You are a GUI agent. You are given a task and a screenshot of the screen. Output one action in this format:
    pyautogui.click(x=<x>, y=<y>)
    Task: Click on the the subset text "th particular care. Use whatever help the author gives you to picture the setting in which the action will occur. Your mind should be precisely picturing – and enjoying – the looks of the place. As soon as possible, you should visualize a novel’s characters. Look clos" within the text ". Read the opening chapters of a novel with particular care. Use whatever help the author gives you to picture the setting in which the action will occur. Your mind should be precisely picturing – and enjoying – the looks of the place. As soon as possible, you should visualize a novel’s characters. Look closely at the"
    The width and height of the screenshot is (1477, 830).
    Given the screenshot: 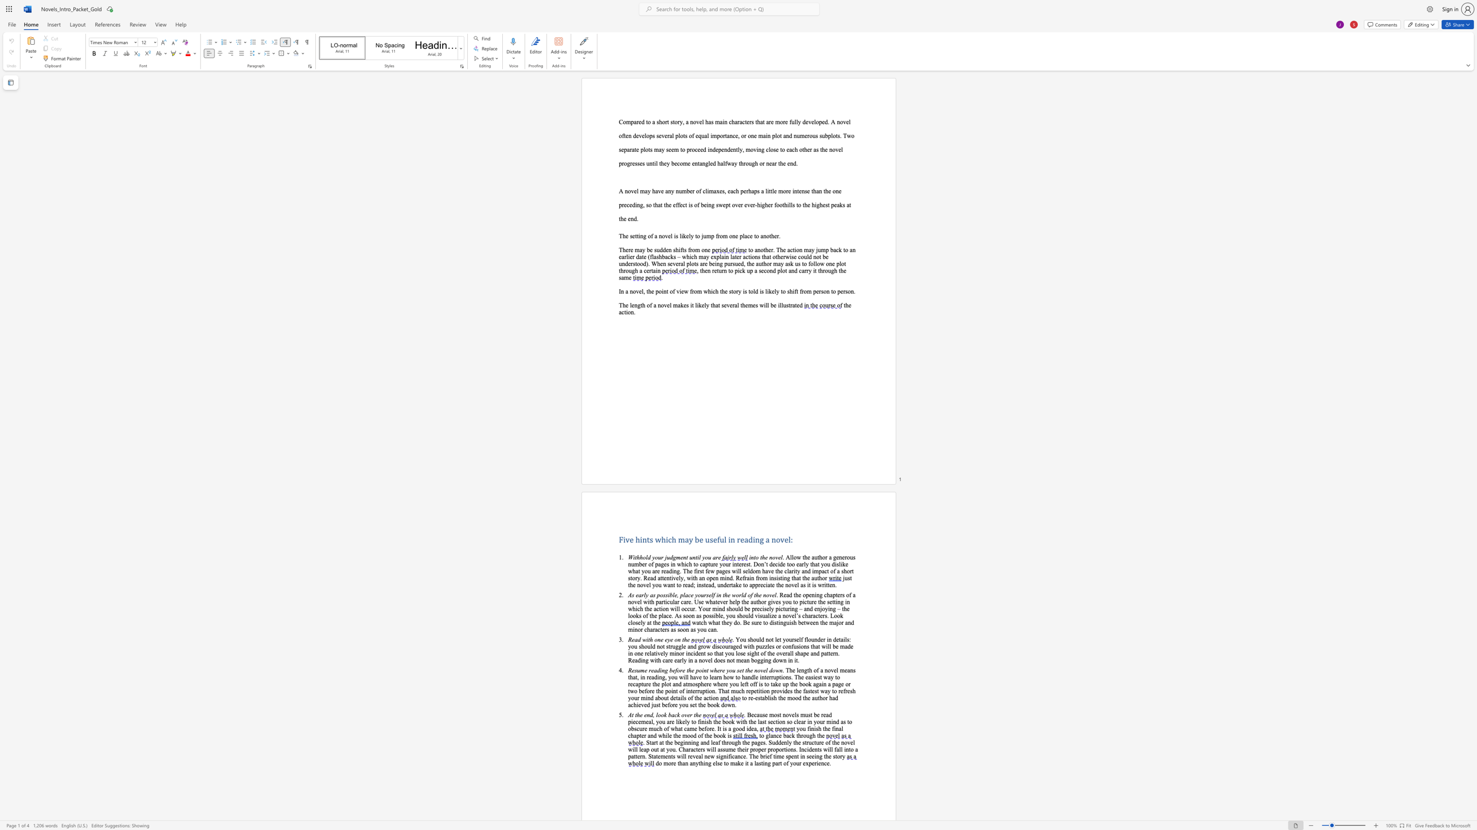 What is the action you would take?
    pyautogui.click(x=649, y=601)
    